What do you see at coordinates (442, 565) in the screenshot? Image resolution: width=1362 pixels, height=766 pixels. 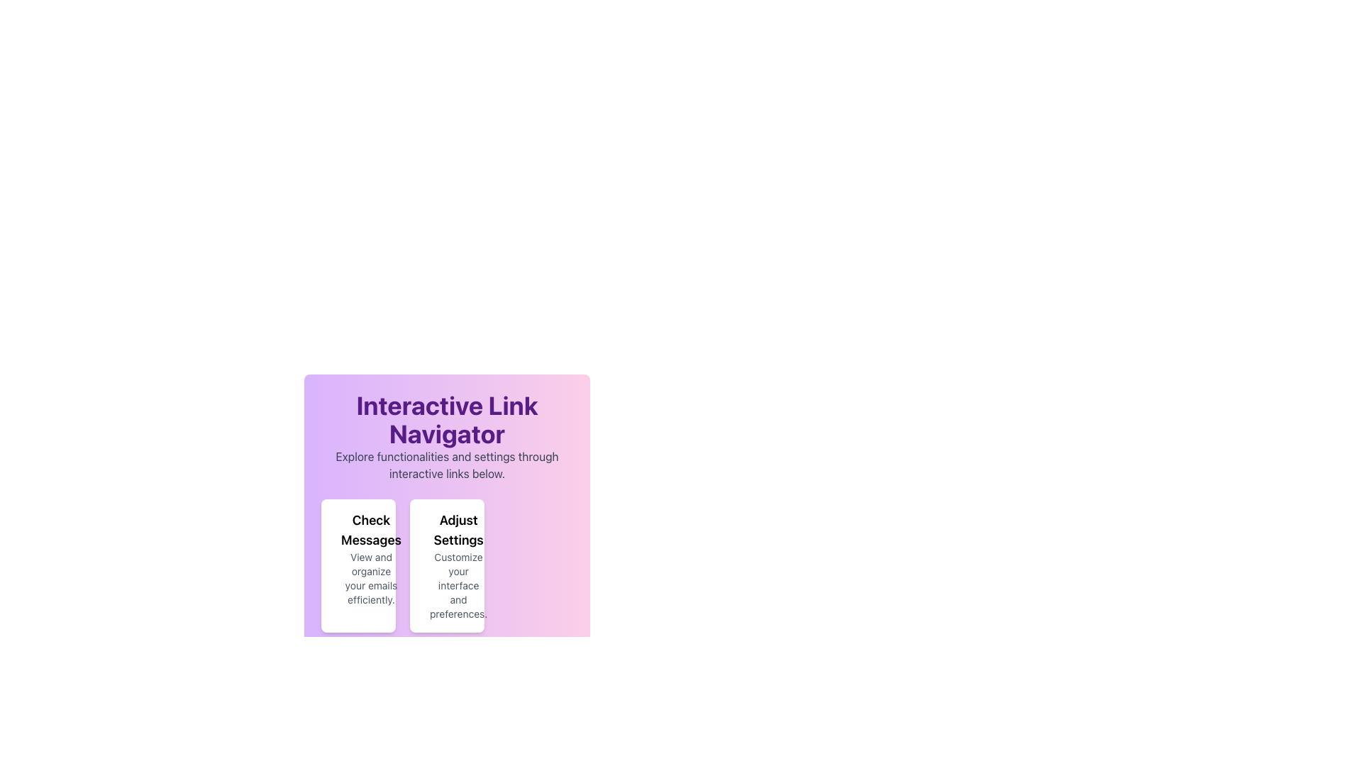 I see `text label that instructs users to 'Go to Settings' located in the 'Adjust Settings' section of the 'Interactive Link Navigator' panel` at bounding box center [442, 565].